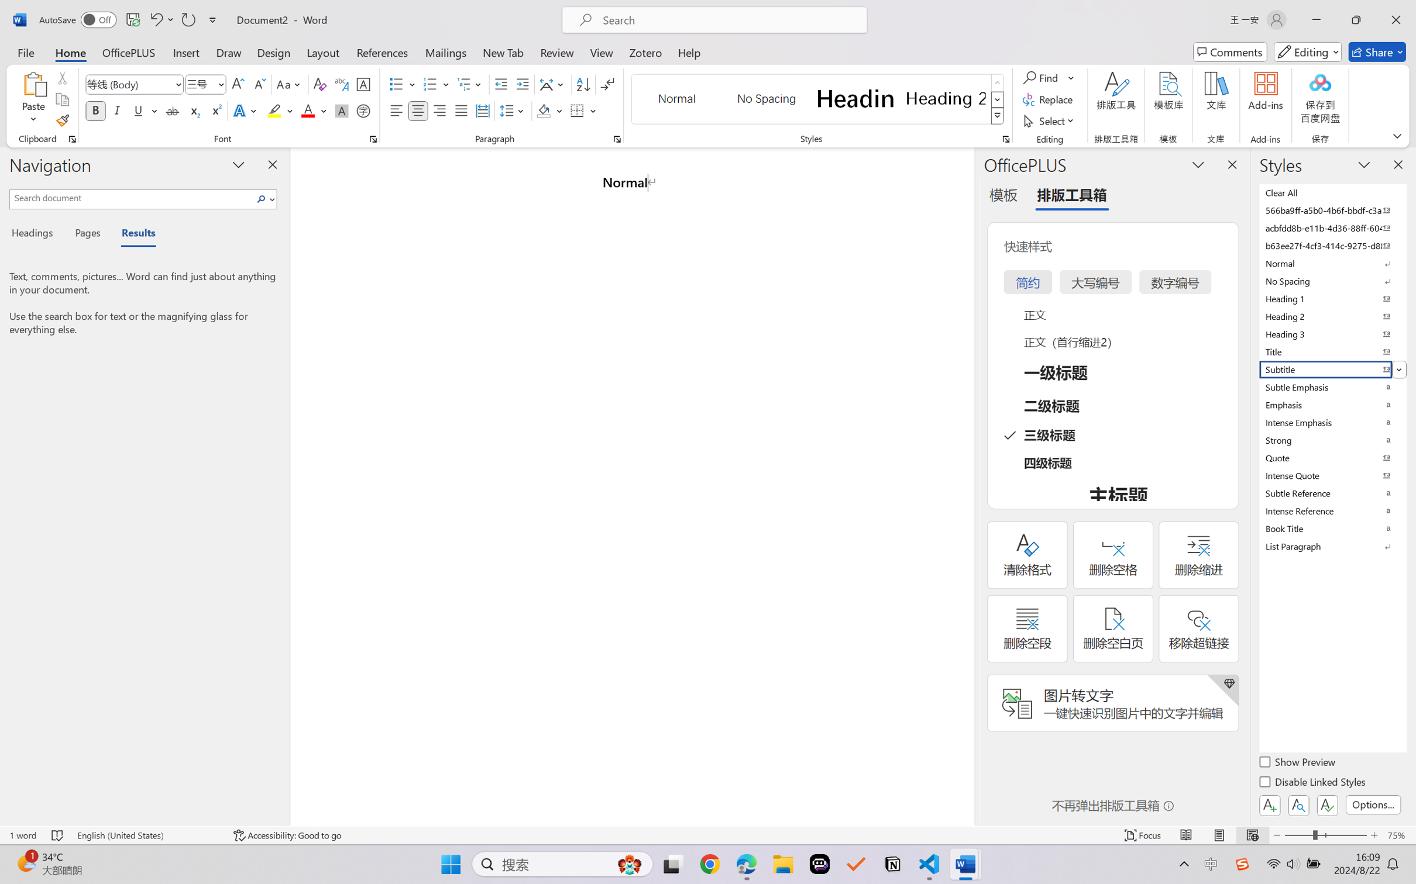 This screenshot has height=884, width=1416. What do you see at coordinates (513, 110) in the screenshot?
I see `'Line and Paragraph Spacing'` at bounding box center [513, 110].